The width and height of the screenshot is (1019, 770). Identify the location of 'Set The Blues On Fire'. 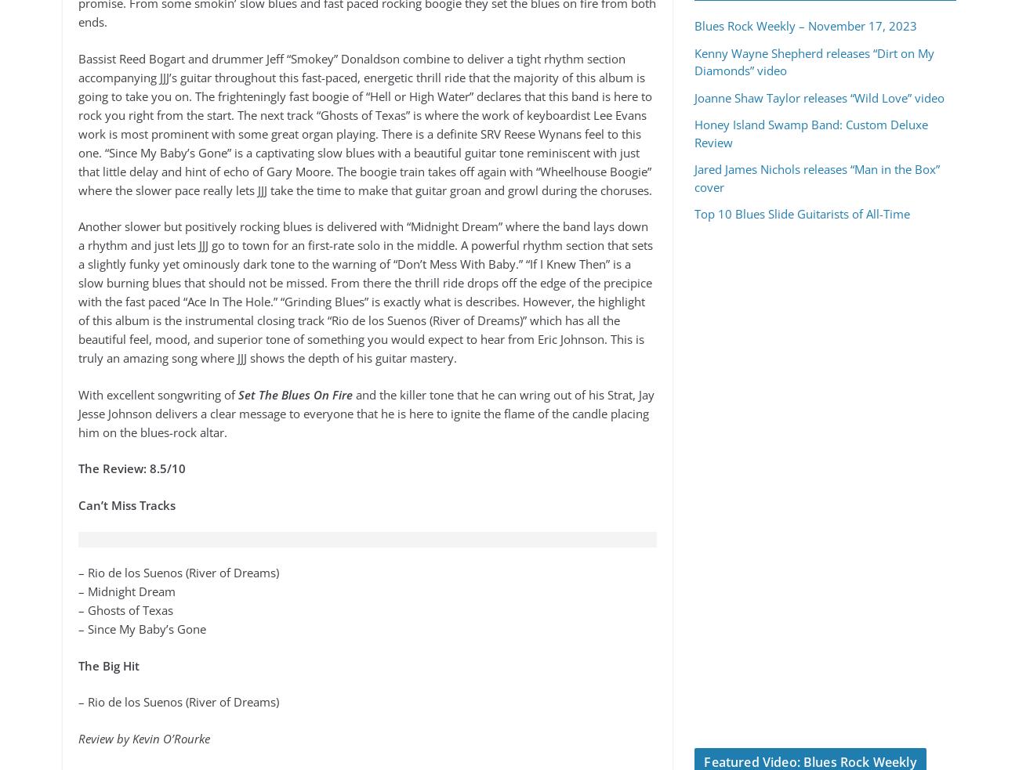
(295, 394).